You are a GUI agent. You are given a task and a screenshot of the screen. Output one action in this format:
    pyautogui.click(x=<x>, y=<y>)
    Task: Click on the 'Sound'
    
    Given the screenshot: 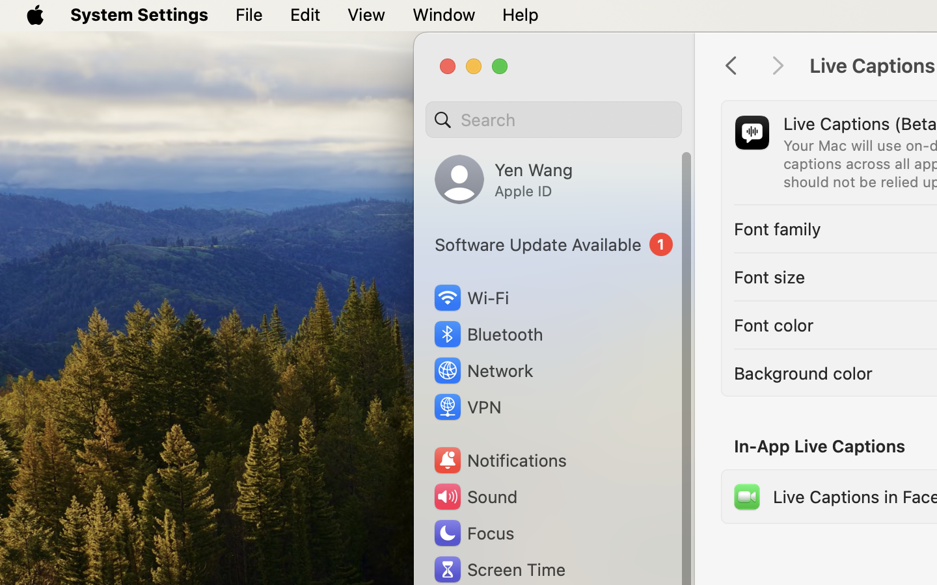 What is the action you would take?
    pyautogui.click(x=474, y=496)
    